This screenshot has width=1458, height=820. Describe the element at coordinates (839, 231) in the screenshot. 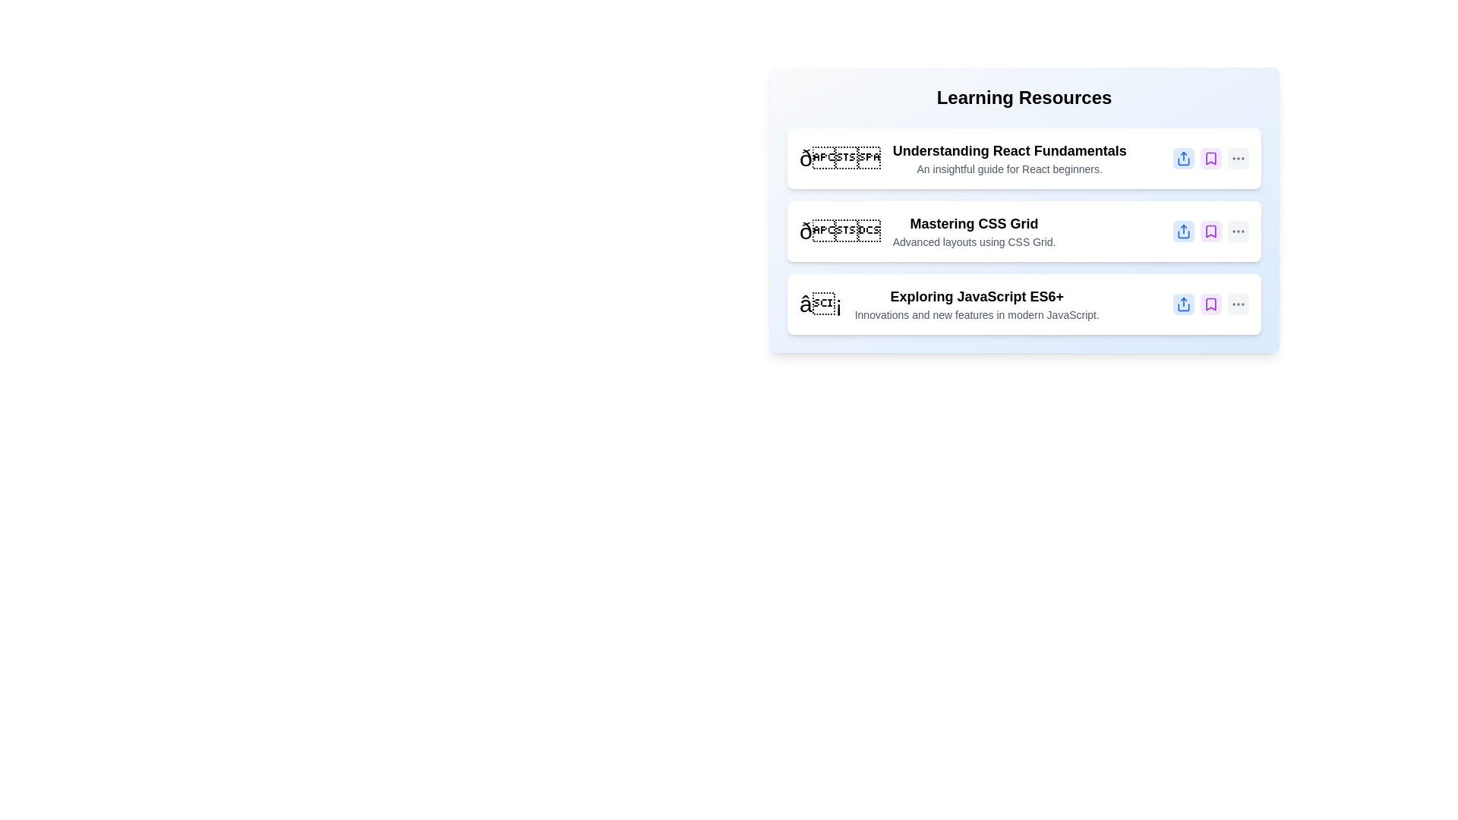

I see `the icon of the item with the title Mastering CSS Grid` at that location.